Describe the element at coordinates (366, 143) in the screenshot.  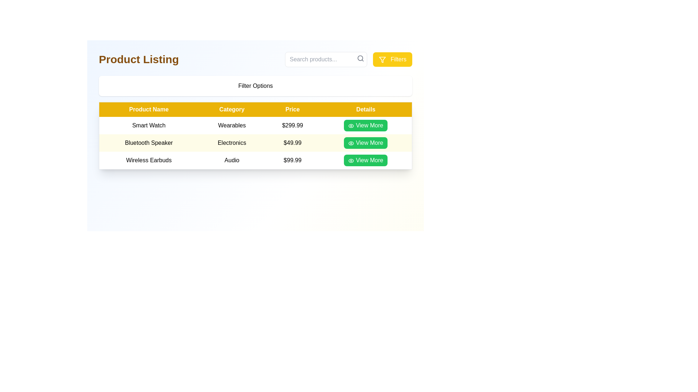
I see `keyboard navigation` at that location.